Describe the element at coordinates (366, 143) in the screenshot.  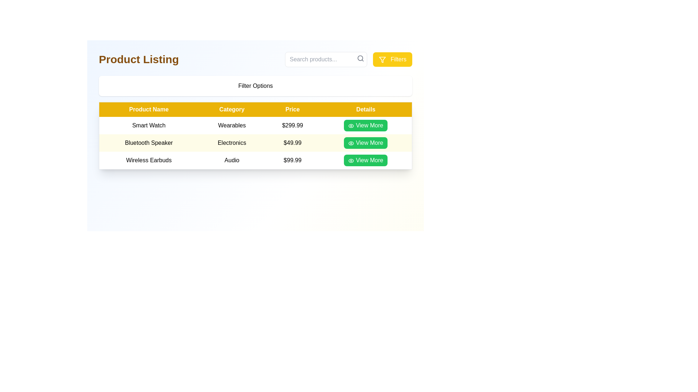
I see `keyboard navigation` at that location.